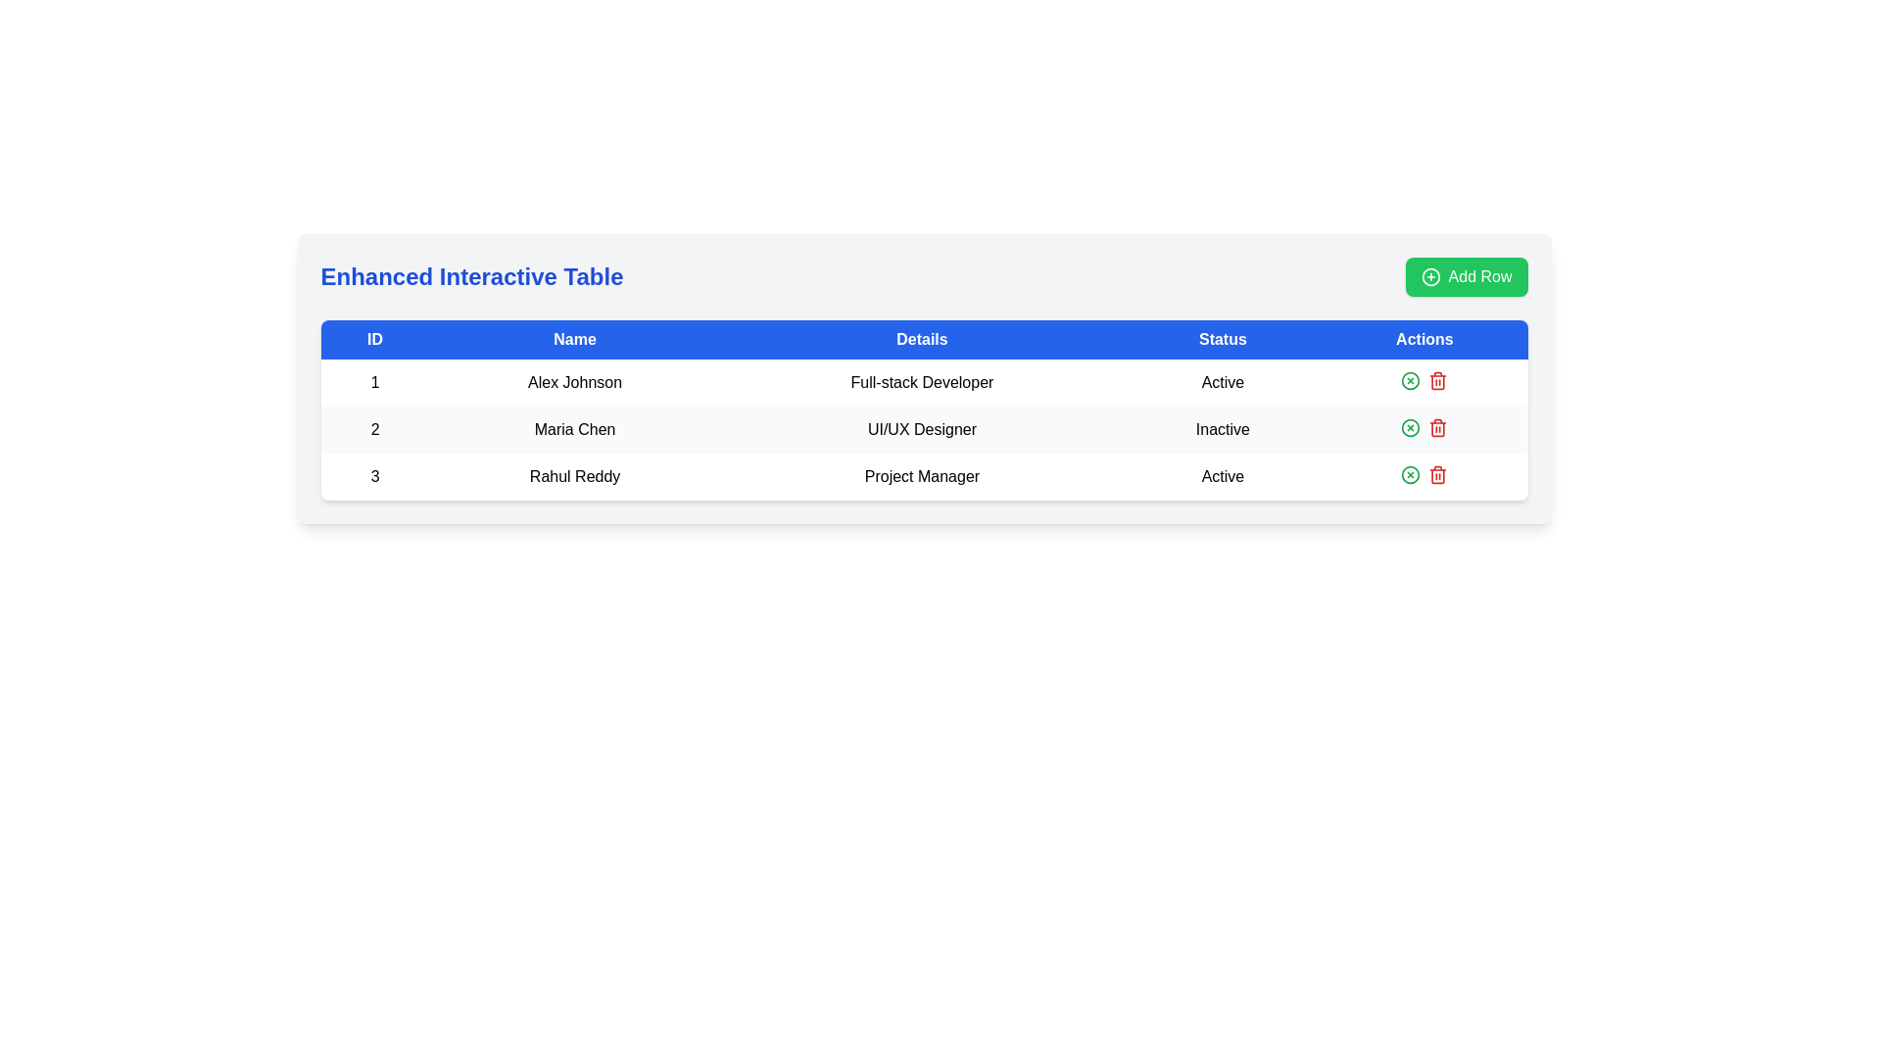 The width and height of the screenshot is (1881, 1058). I want to click on the text label in the third row of the interactive table that describes the role or position associated with 'Rahul Reddy', so click(921, 476).